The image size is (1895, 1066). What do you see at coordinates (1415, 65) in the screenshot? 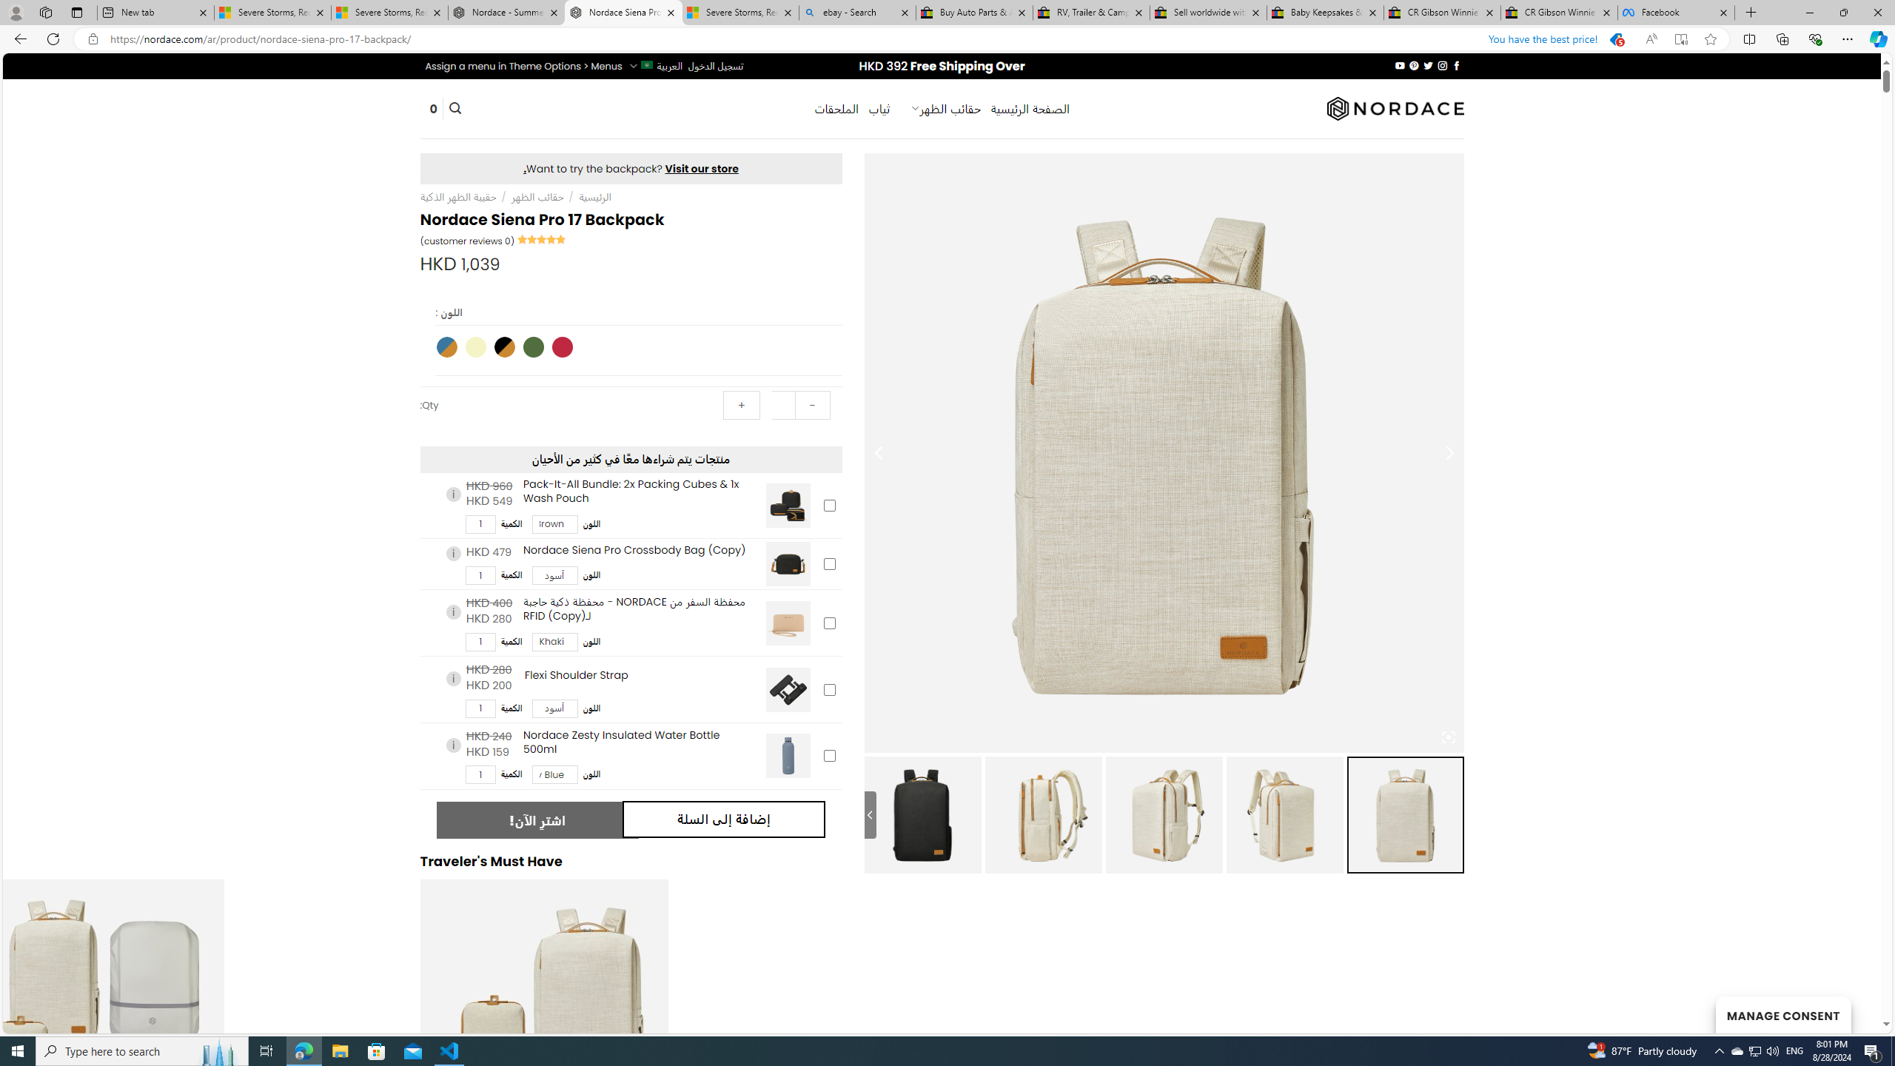
I see `'Follow on Pinterest'` at bounding box center [1415, 65].